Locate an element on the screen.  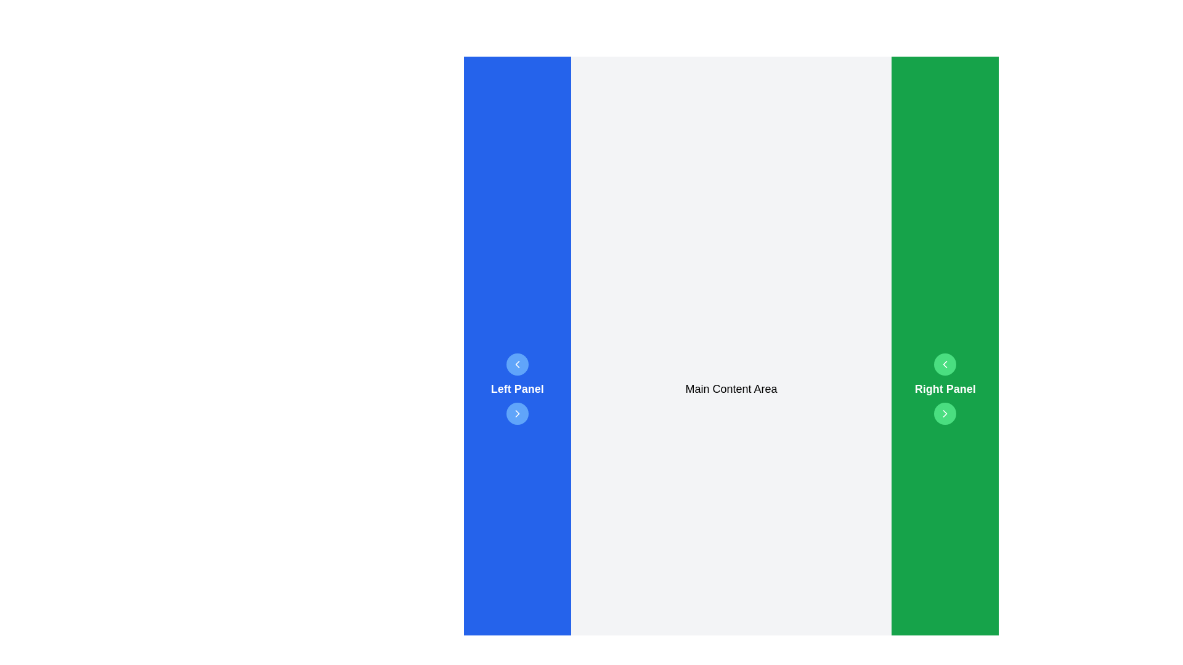
the right-facing chevron icon button displayed in white on a blue circular background for keyboard navigation is located at coordinates (517, 413).